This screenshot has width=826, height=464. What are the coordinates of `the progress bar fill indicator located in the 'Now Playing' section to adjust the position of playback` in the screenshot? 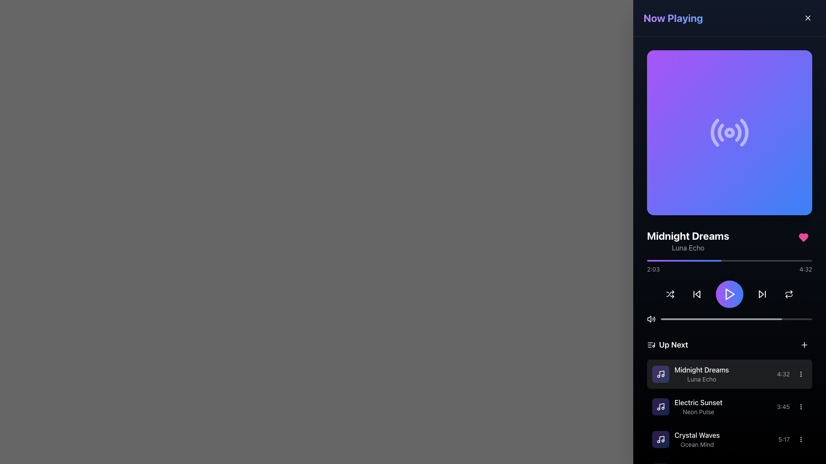 It's located at (721, 319).